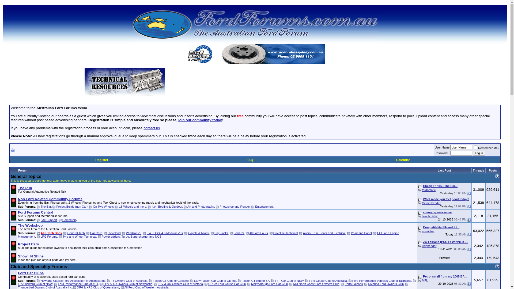  I want to click on 'FAQ', so click(250, 159).